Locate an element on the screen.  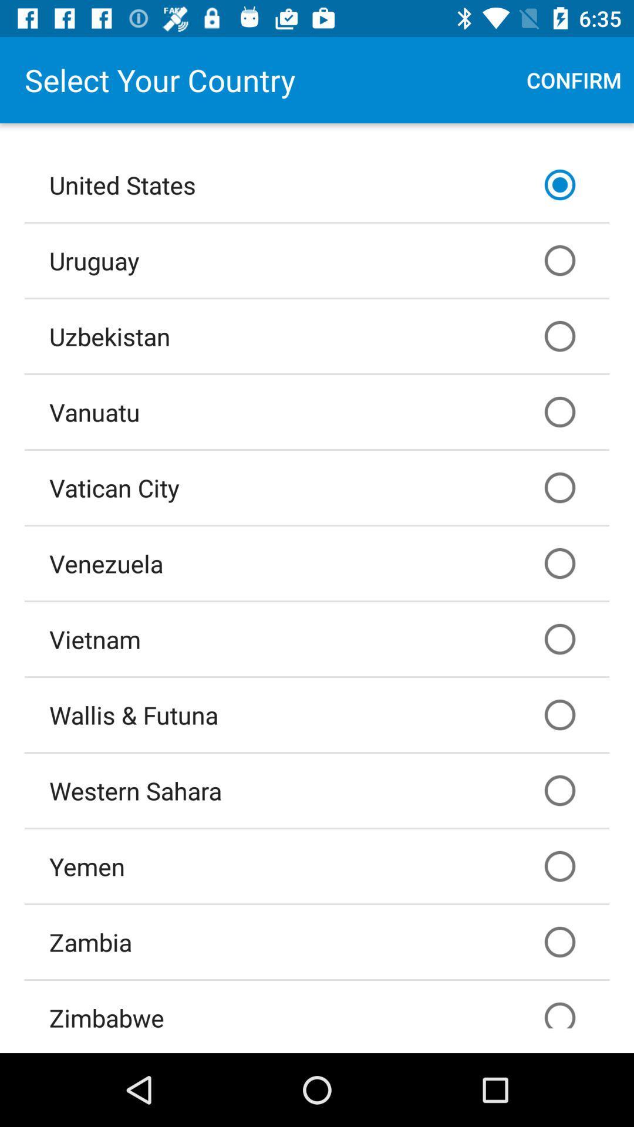
icon above the united states is located at coordinates (574, 79).